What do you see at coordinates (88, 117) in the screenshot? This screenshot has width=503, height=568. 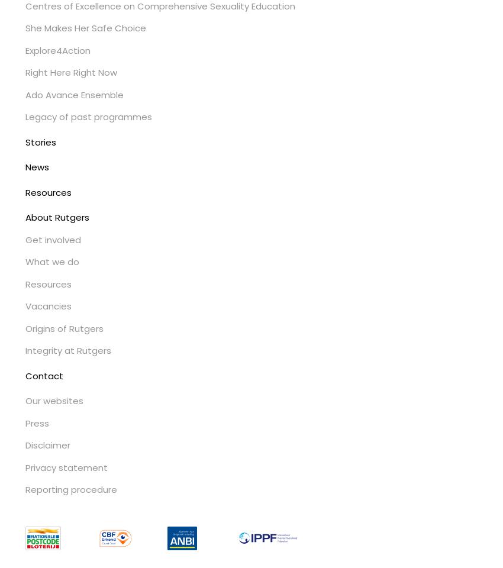 I see `'Legacy of past programmes'` at bounding box center [88, 117].